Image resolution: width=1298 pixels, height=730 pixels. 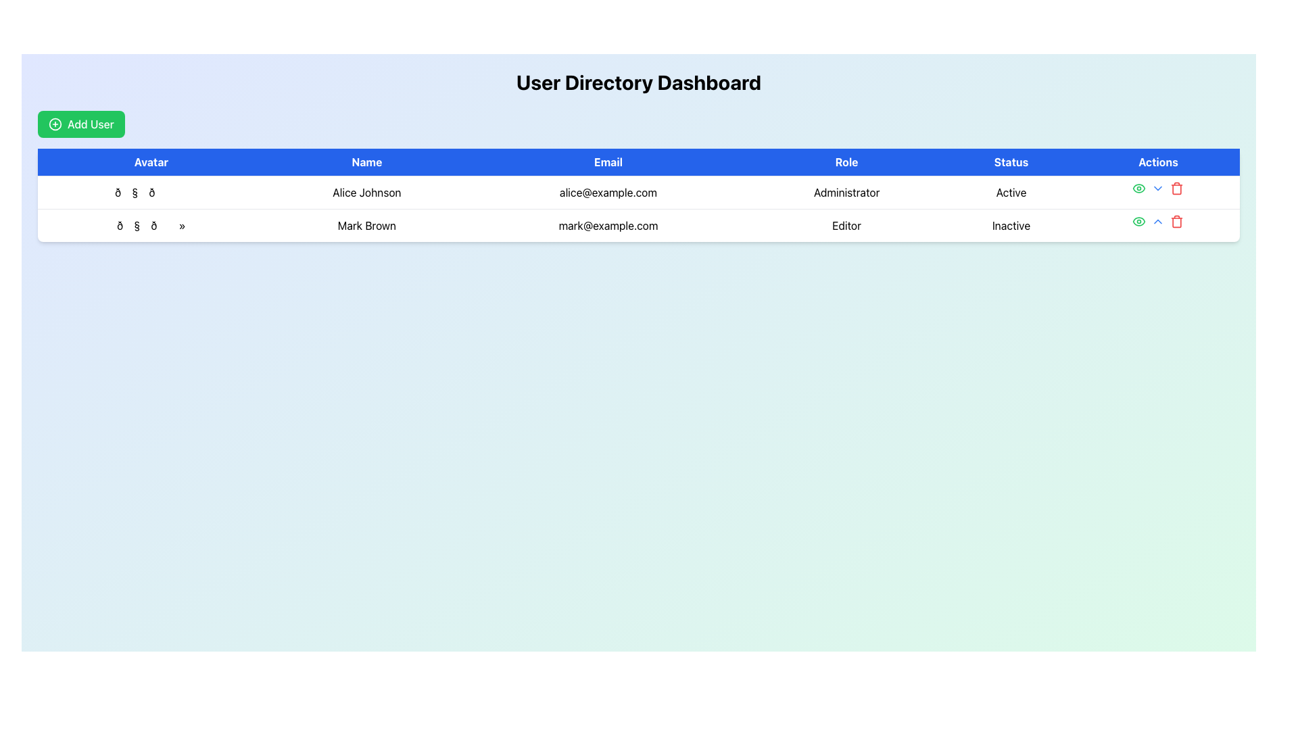 I want to click on the red trash bin icon button located in the 'Actions' column of the second table row to initiate a delete action, so click(x=1176, y=188).